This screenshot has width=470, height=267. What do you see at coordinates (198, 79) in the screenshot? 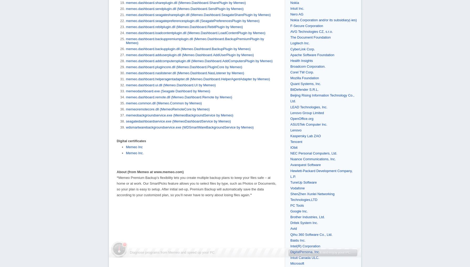
I see `'memeo.dashboard.helperagentadapter.dll (Memeo.Dashboard.HelperAgentAdapter by Memeo)'` at bounding box center [198, 79].